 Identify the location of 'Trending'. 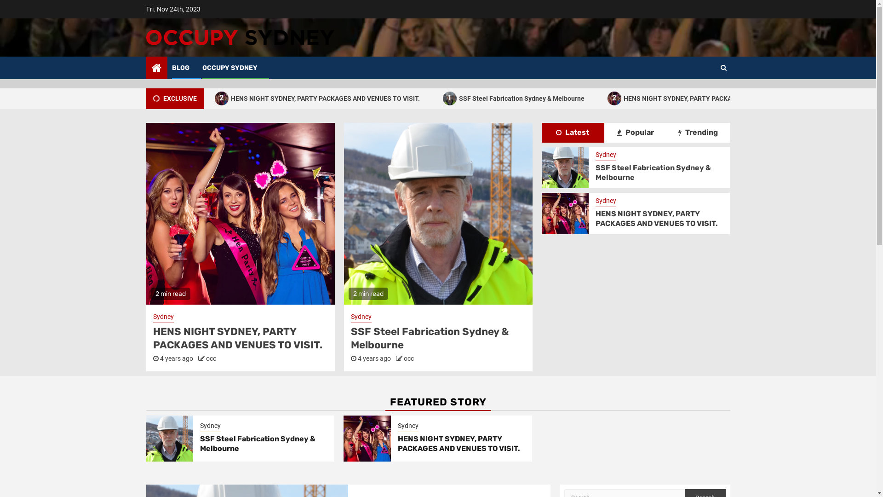
(698, 133).